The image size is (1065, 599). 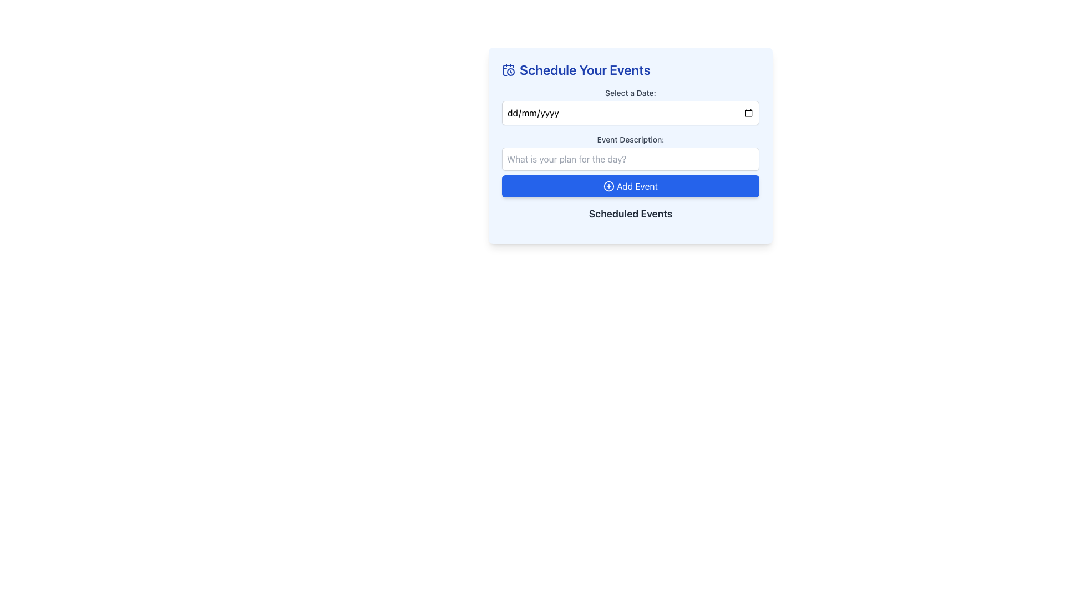 What do you see at coordinates (631, 214) in the screenshot?
I see `the text label reading 'Scheduled Events', which is styled with medium-sized, bold font and is located directly below the 'Add Event' button` at bounding box center [631, 214].